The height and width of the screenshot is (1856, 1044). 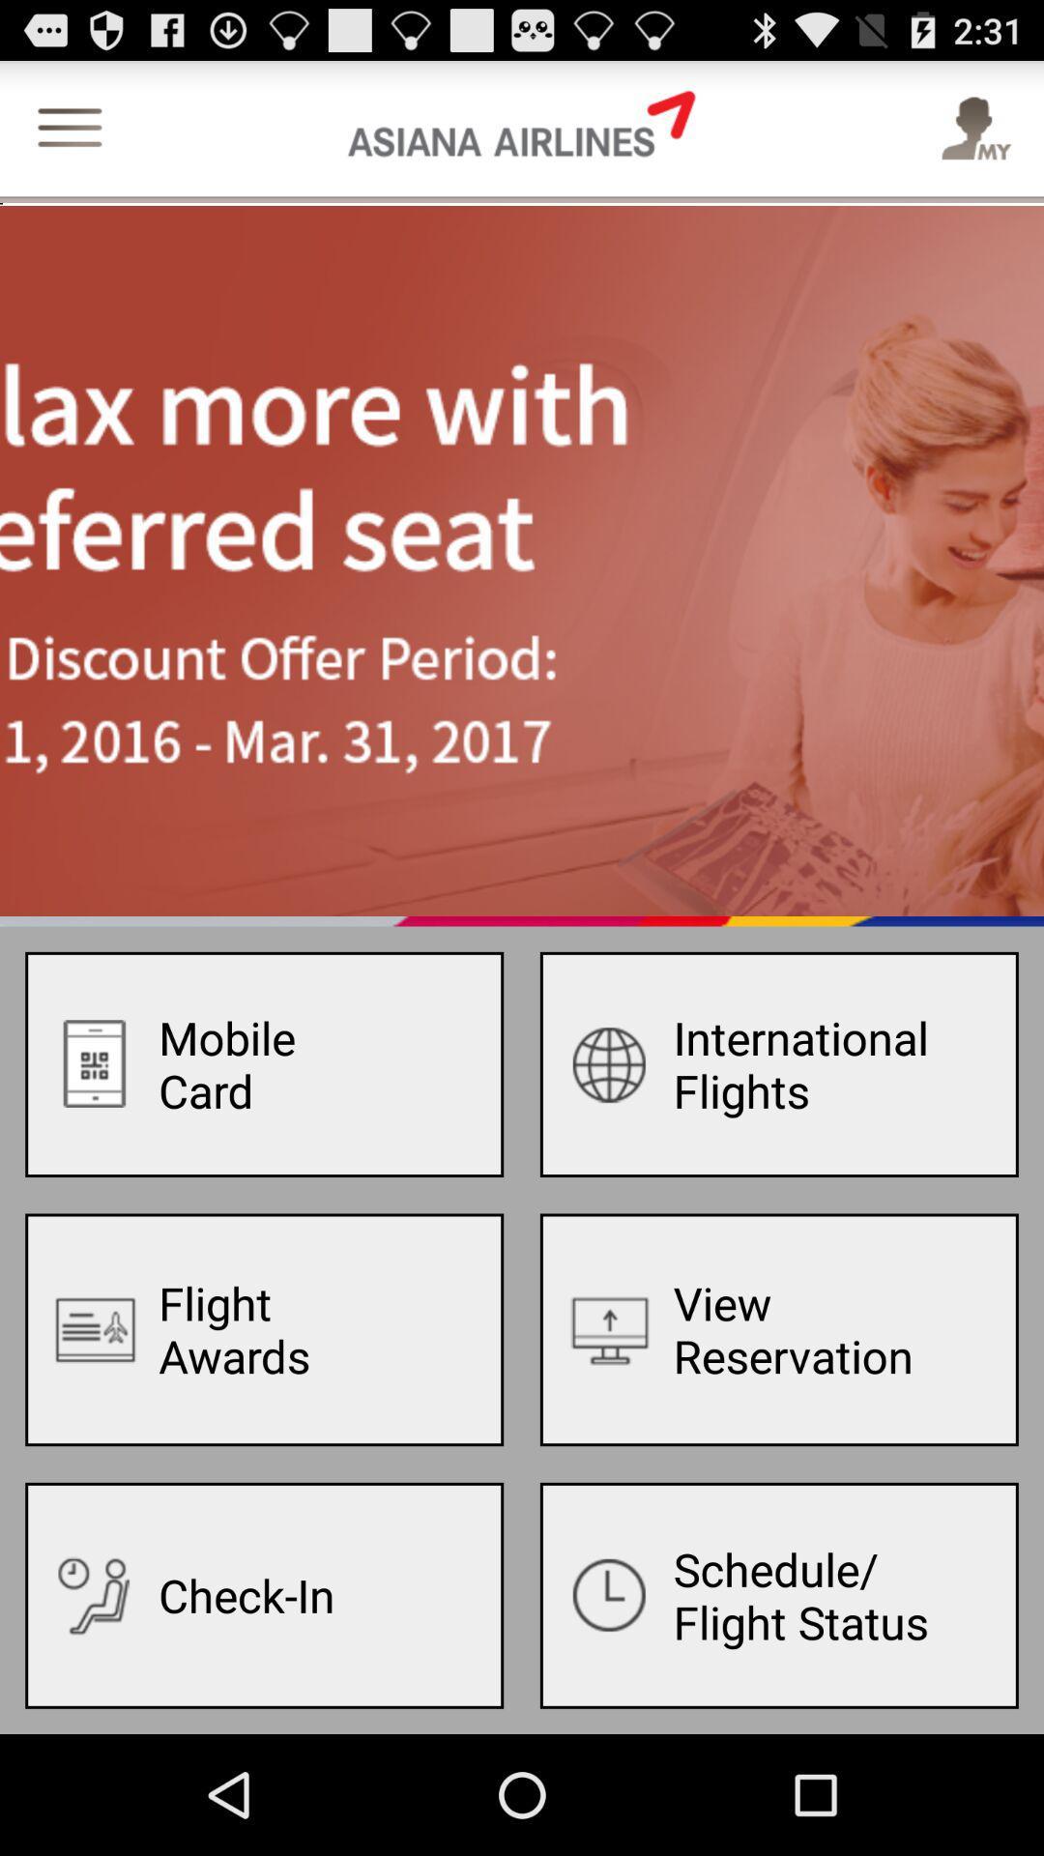 What do you see at coordinates (973, 139) in the screenshot?
I see `the follow icon` at bounding box center [973, 139].